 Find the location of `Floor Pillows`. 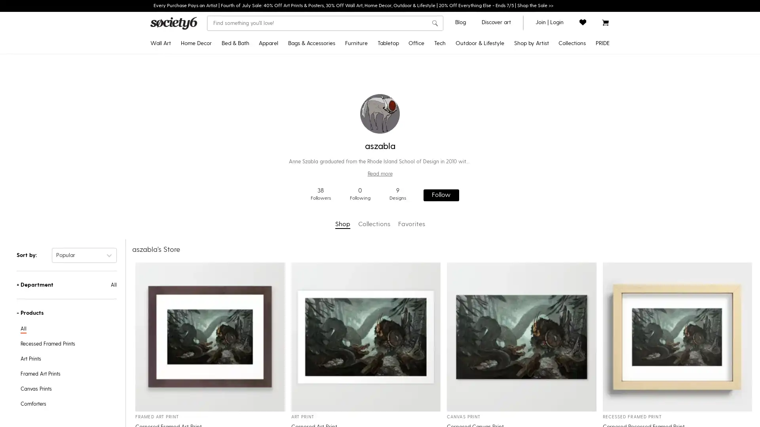

Floor Pillows is located at coordinates (211, 101).